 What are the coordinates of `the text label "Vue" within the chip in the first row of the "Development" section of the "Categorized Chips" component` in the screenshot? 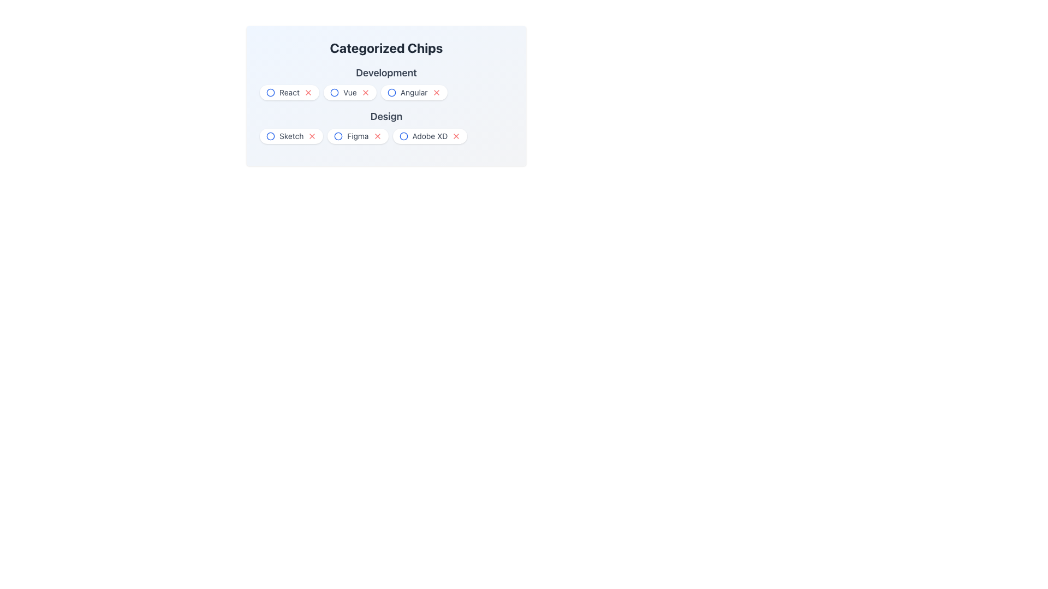 It's located at (350, 92).